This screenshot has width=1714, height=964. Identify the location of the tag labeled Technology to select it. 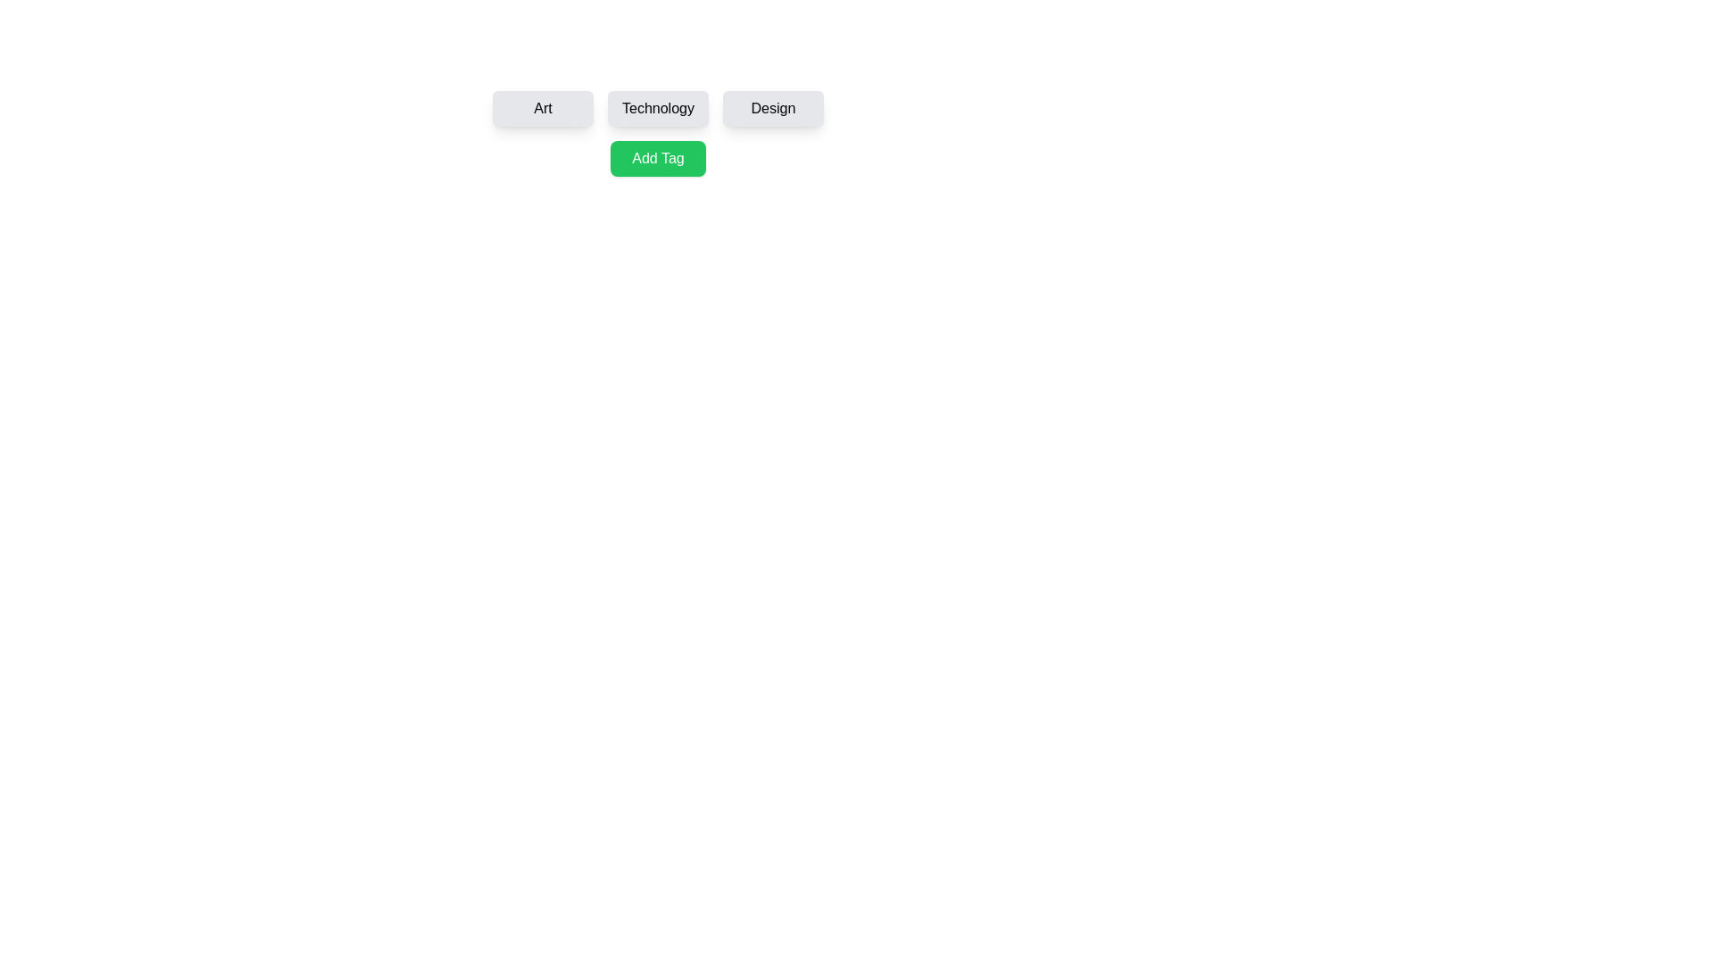
(657, 109).